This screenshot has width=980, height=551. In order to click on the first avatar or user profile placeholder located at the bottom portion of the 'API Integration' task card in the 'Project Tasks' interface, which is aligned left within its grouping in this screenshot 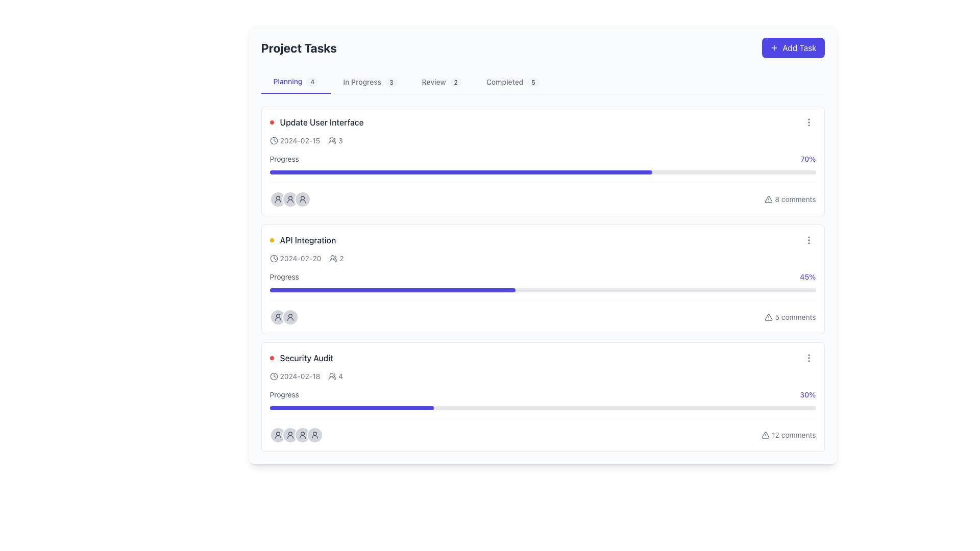, I will do `click(278, 316)`.